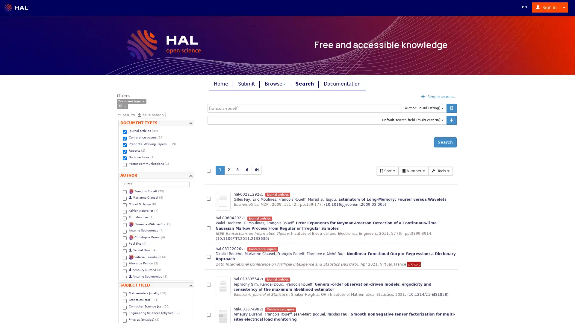  I want to click on +, so click(451, 120).